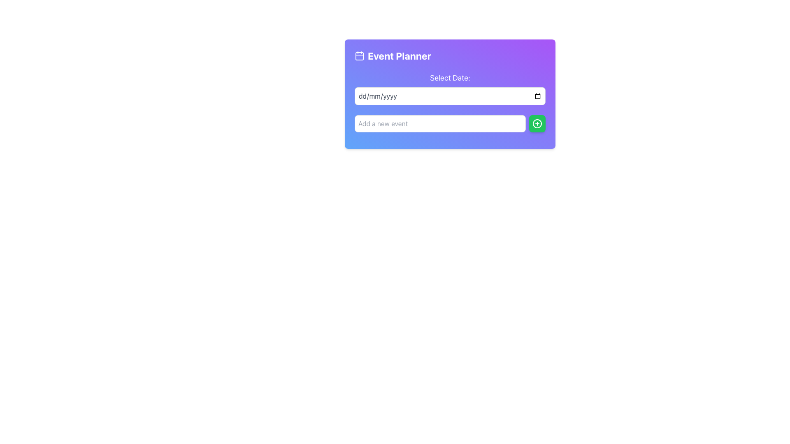  Describe the element at coordinates (359, 55) in the screenshot. I see `the calendar icon located to the left of the 'Event Planner' text, which features a rounded rectangular outline with two vertical lines on top and a larger bottom section` at that location.